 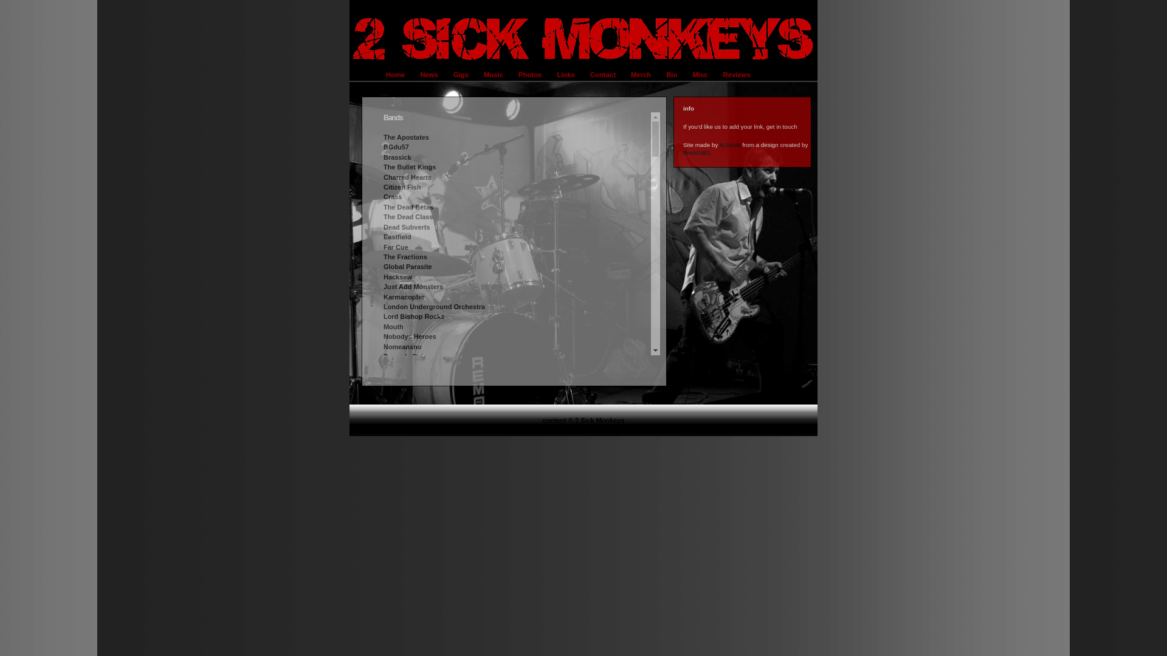 What do you see at coordinates (701, 74) in the screenshot?
I see `'Misc'` at bounding box center [701, 74].